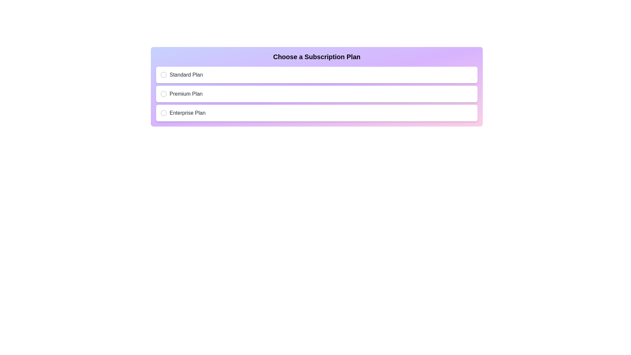 The height and width of the screenshot is (355, 631). Describe the element at coordinates (186, 74) in the screenshot. I see `the 'Standard Plan' text label, which is displayed in gray and is the topmost item in the subscription plan selection interface` at that location.